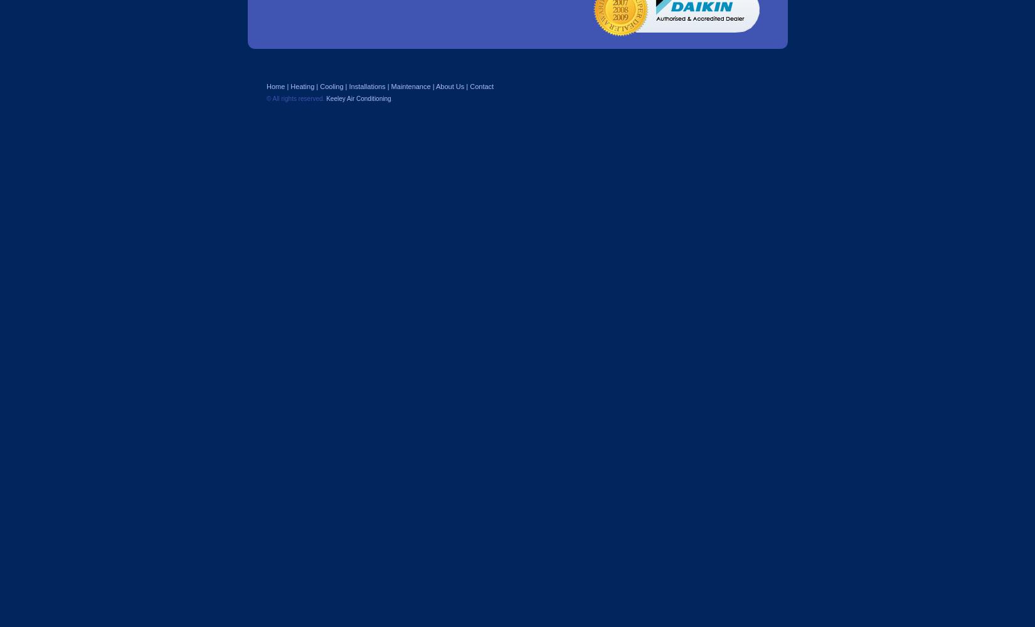 Image resolution: width=1035 pixels, height=627 pixels. Describe the element at coordinates (391, 98) in the screenshot. I see `'.'` at that location.